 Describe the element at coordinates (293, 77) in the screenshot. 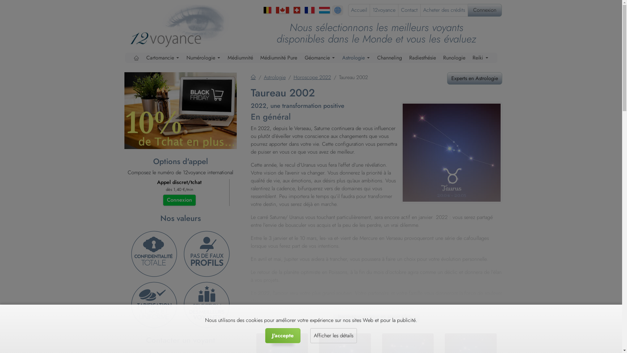

I see `'Horoscope 2022'` at that location.